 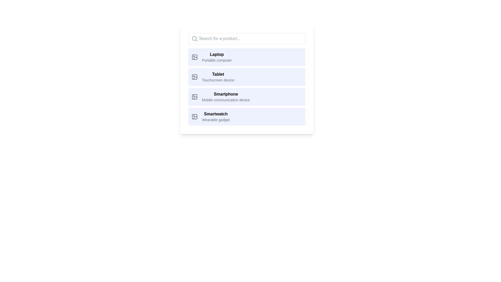 What do you see at coordinates (218, 80) in the screenshot?
I see `text content of the gray text label that says 'Touchscreen device', which is positioned directly below the 'Tablet' title` at bounding box center [218, 80].